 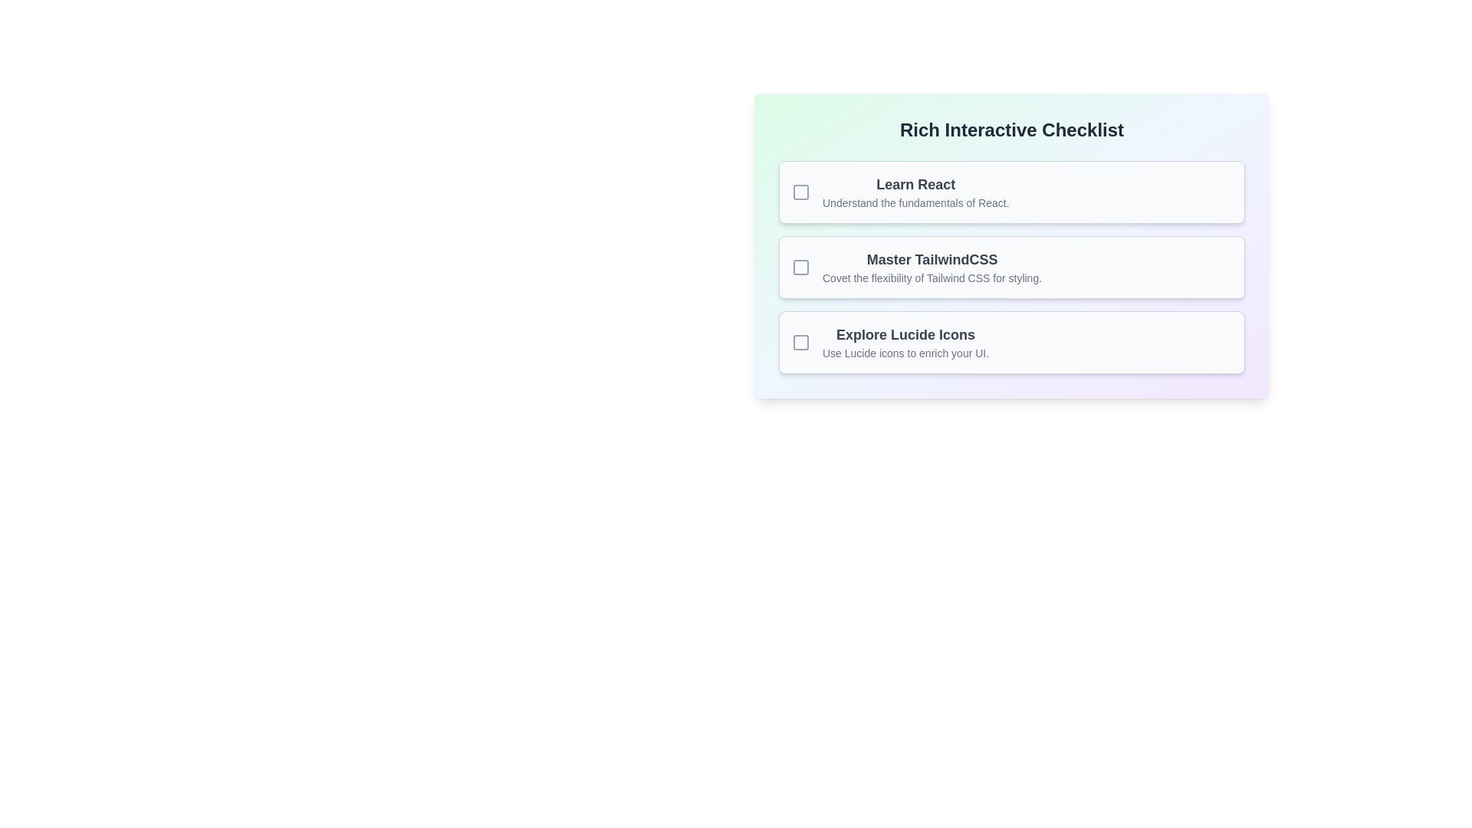 What do you see at coordinates (800, 342) in the screenshot?
I see `the first visible checkbox in the checklist interface under the section titled 'Explore Lucide Icons'` at bounding box center [800, 342].